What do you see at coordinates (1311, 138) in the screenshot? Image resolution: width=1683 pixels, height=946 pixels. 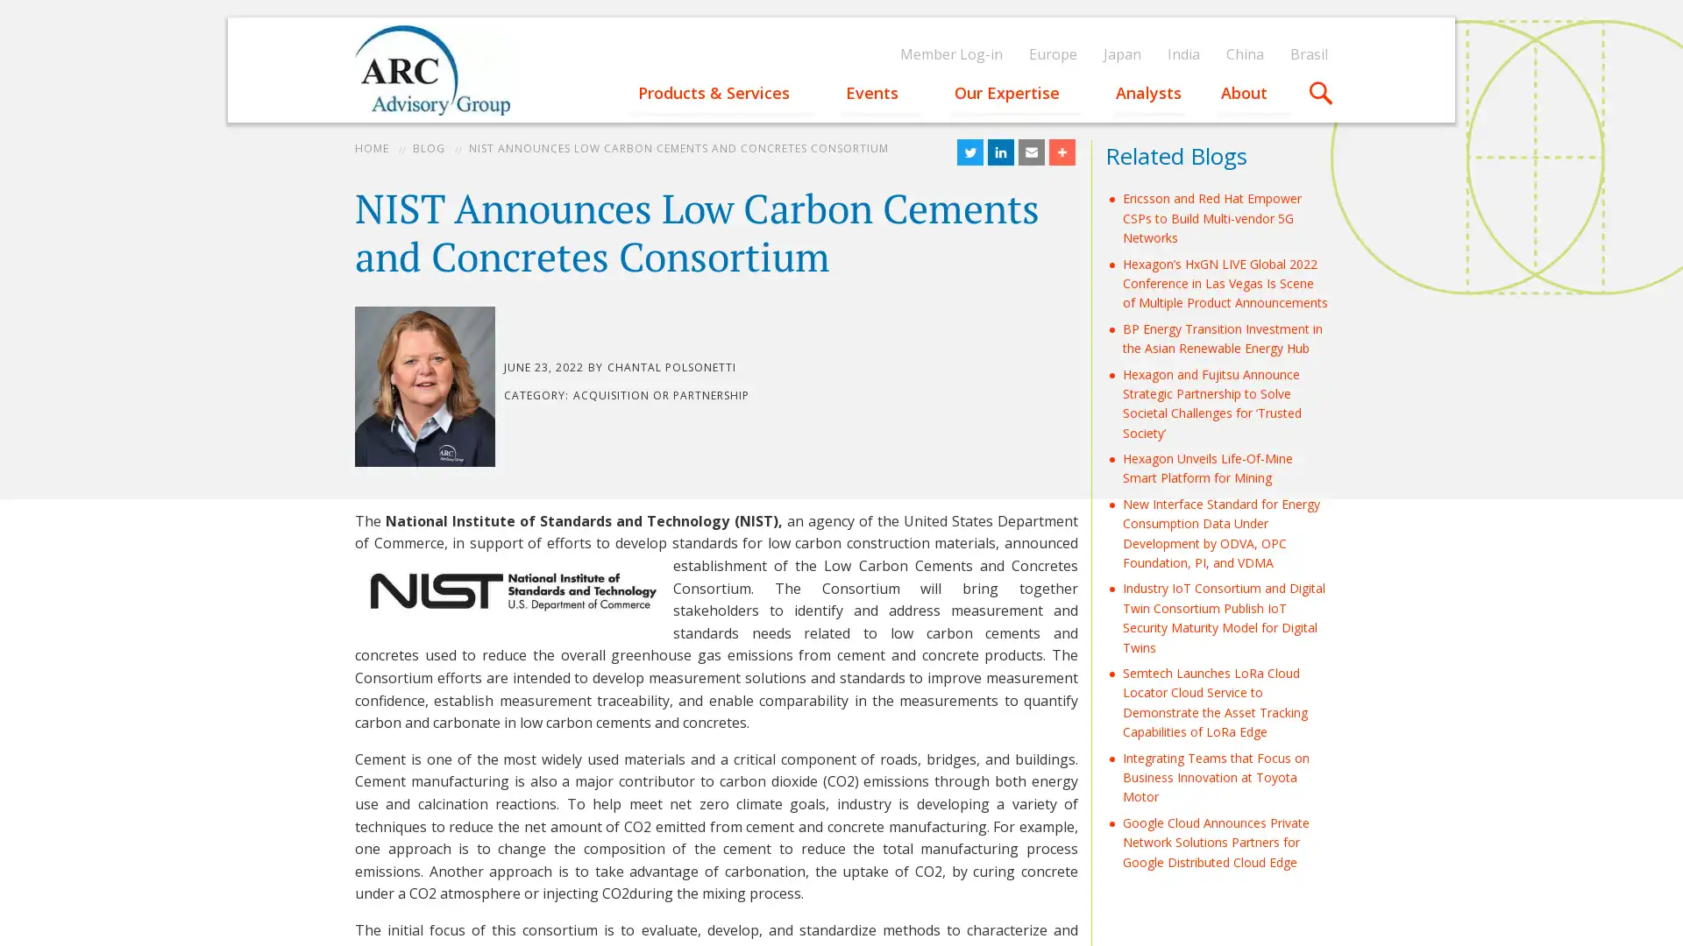 I see `Apply` at bounding box center [1311, 138].